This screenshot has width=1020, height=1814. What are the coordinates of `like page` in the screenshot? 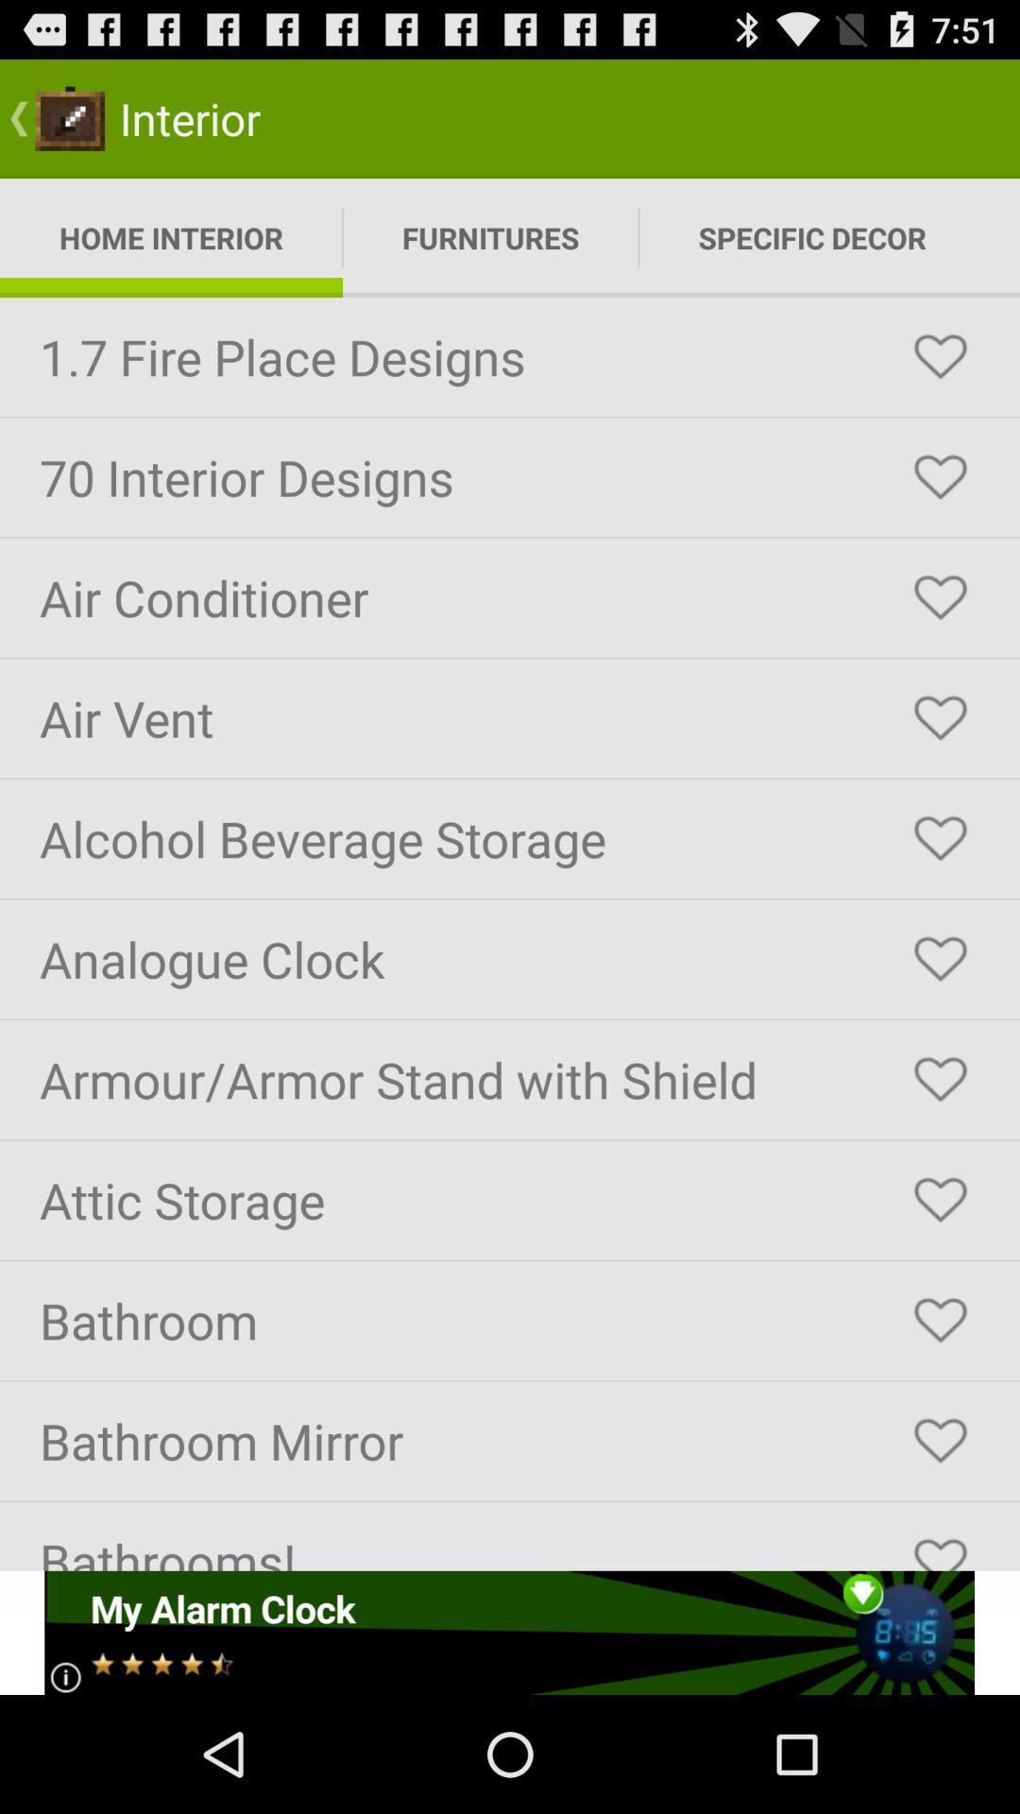 It's located at (940, 1079).